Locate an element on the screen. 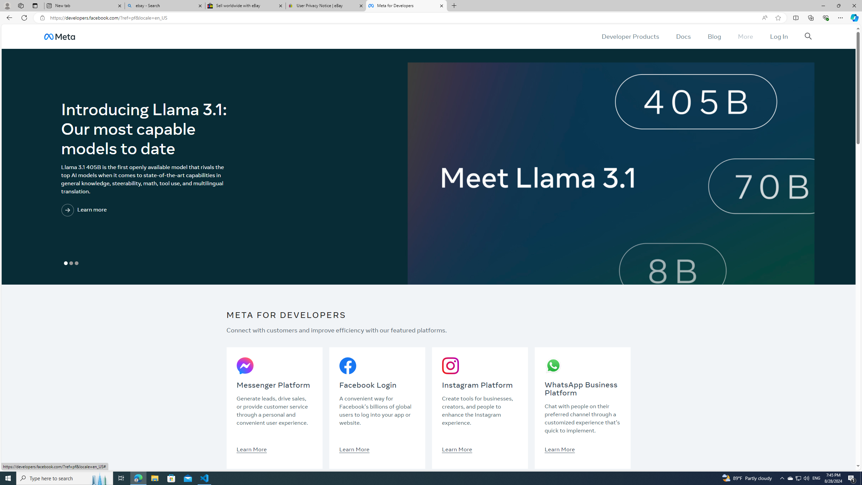 This screenshot has width=862, height=485. 'More' is located at coordinates (745, 36).